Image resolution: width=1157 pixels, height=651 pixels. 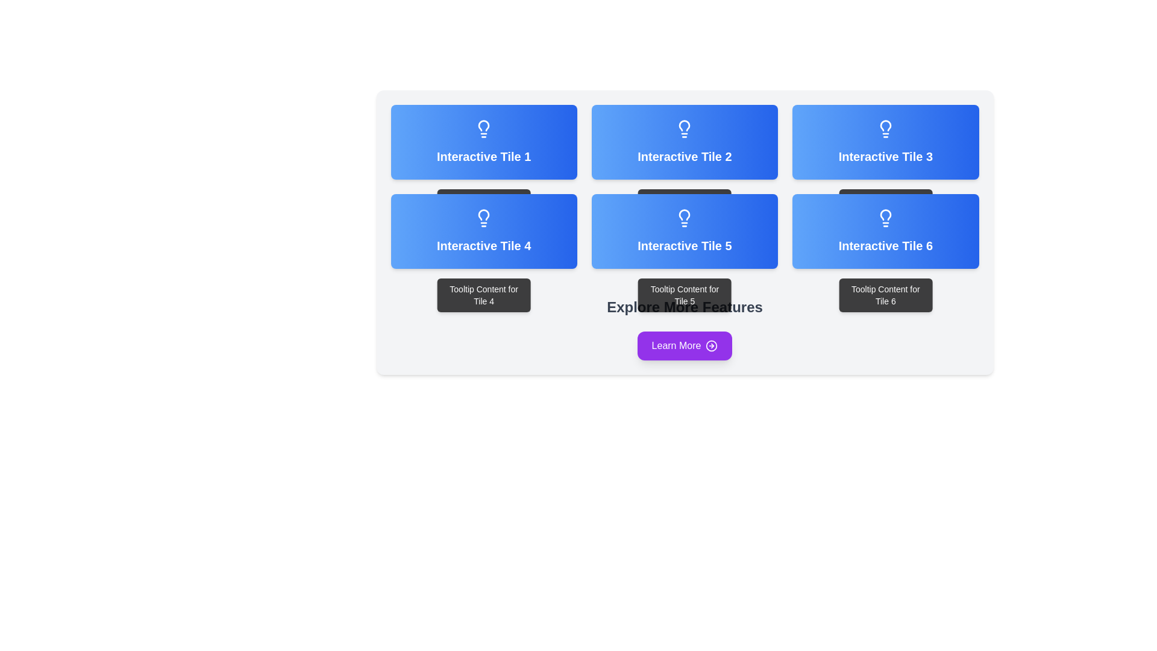 I want to click on the non-interactive heading or informational label that is centered among components below Interactive Tile 5 and above the 'Learn More' button, so click(x=685, y=306).